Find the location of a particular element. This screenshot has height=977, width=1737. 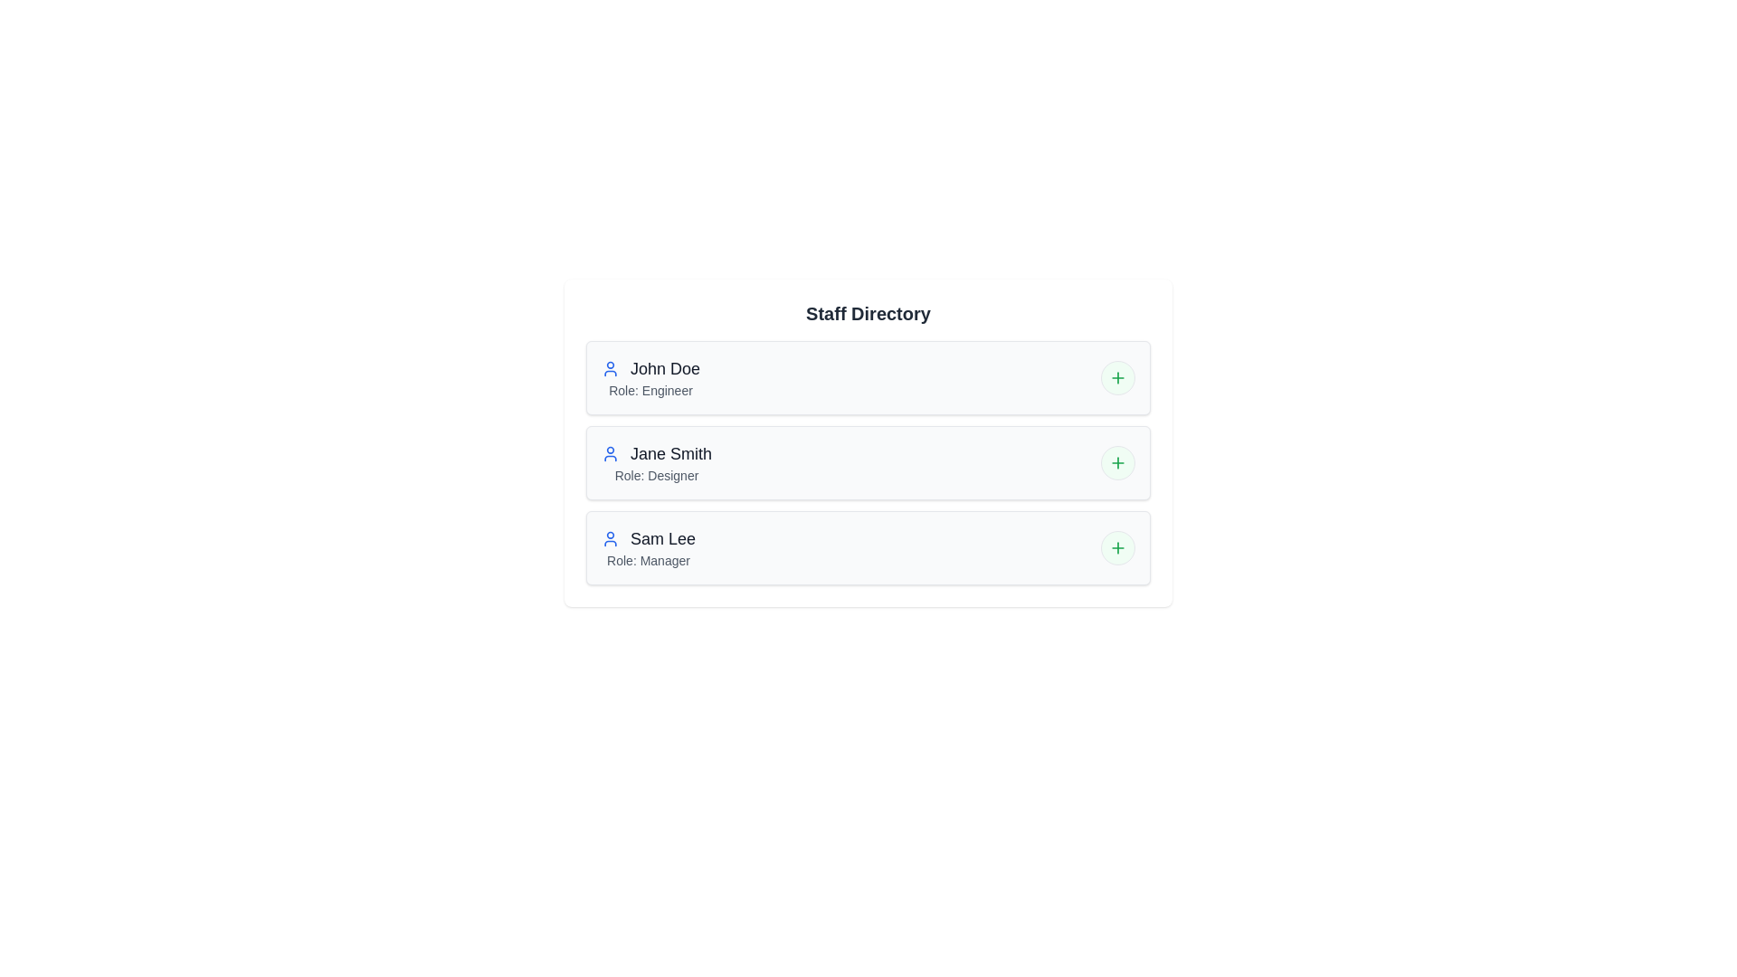

the text of the staff member Jane Smith is located at coordinates (602, 441).